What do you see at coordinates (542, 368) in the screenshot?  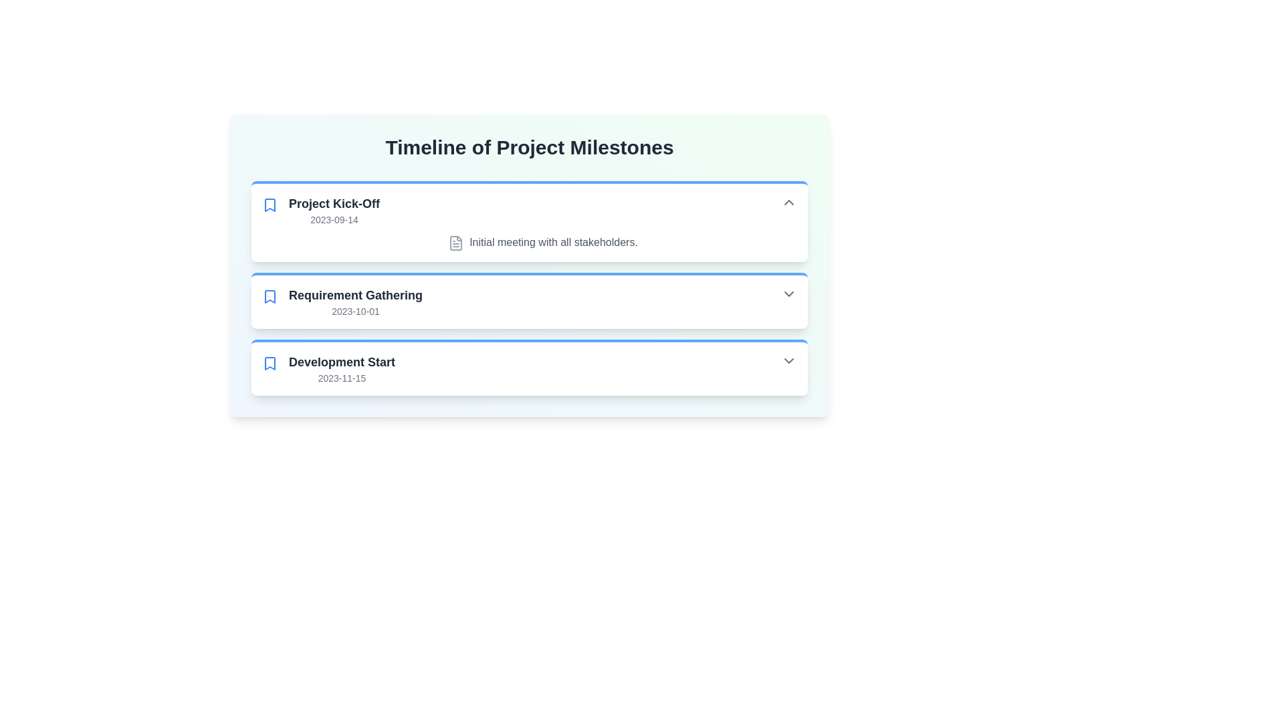 I see `the third list item in the 'Timeline of Project Milestones' section, which displays the title 'Development Start' and the date '2023-11-15'` at bounding box center [542, 368].